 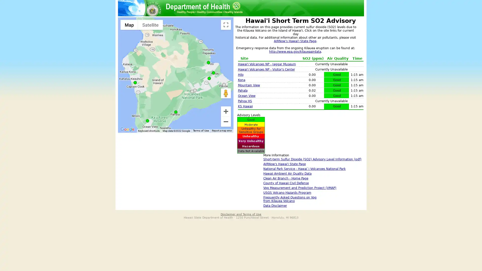 What do you see at coordinates (176, 112) in the screenshot?
I see `Pahala: SO2 0.02 ppm (Good) on 06/28 at 01:15 am` at bounding box center [176, 112].